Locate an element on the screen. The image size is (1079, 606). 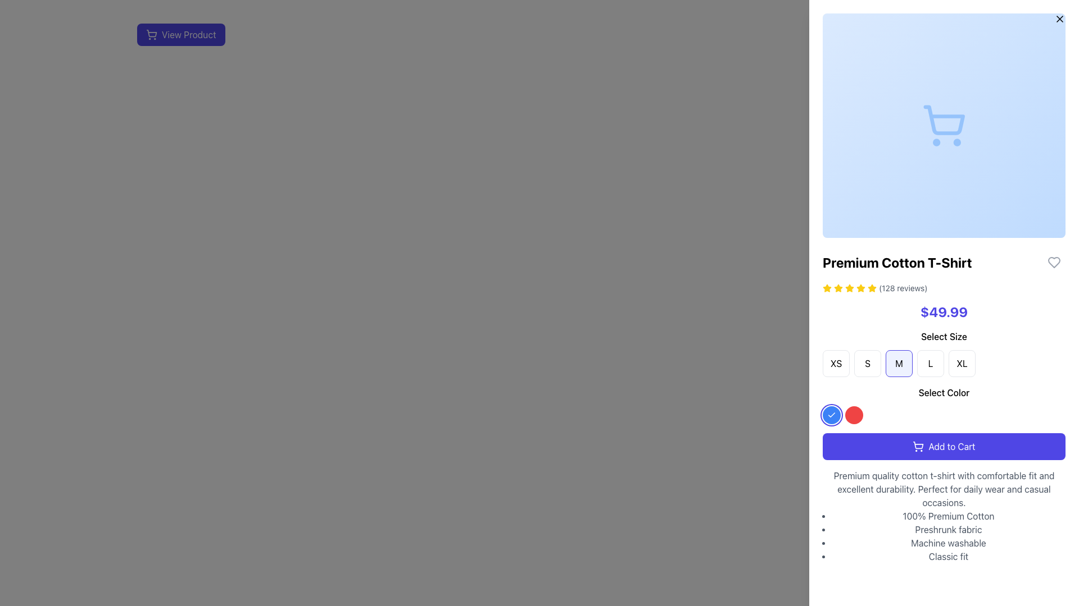
the 'L' size selection button located in the group of size buttons below the '$49.99' price and the 'Select Size' label is located at coordinates (931, 364).